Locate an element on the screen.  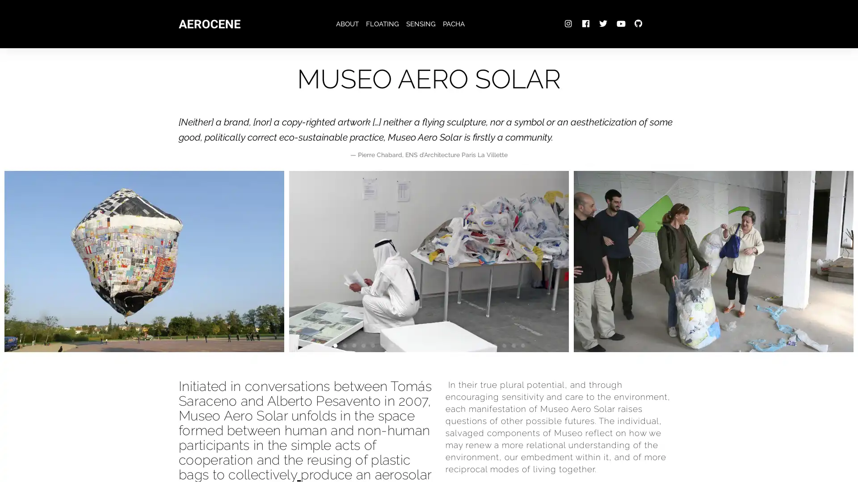
Go to slide 10 is located at coordinates (419, 345).